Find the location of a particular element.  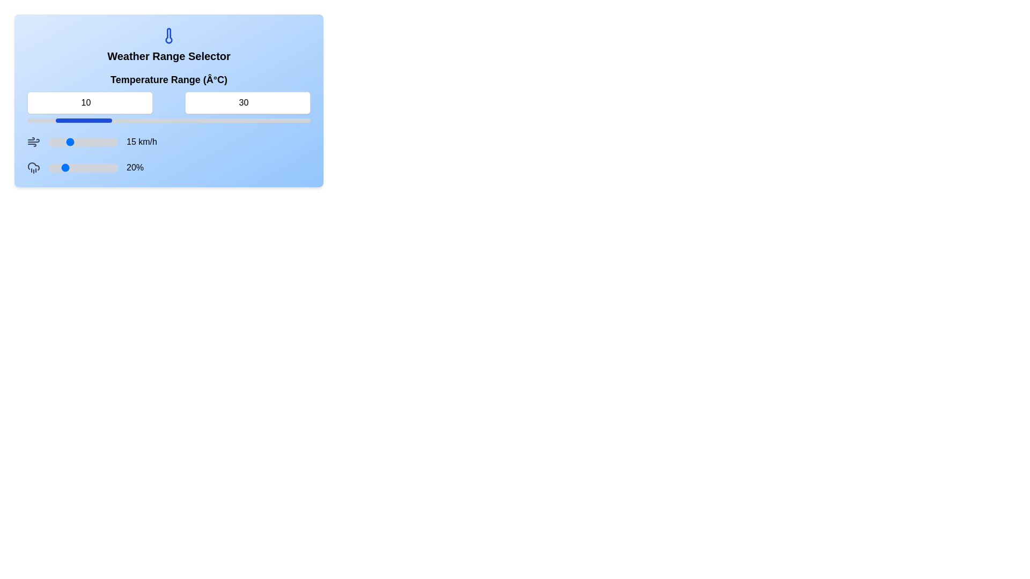

the slider is located at coordinates (72, 167).